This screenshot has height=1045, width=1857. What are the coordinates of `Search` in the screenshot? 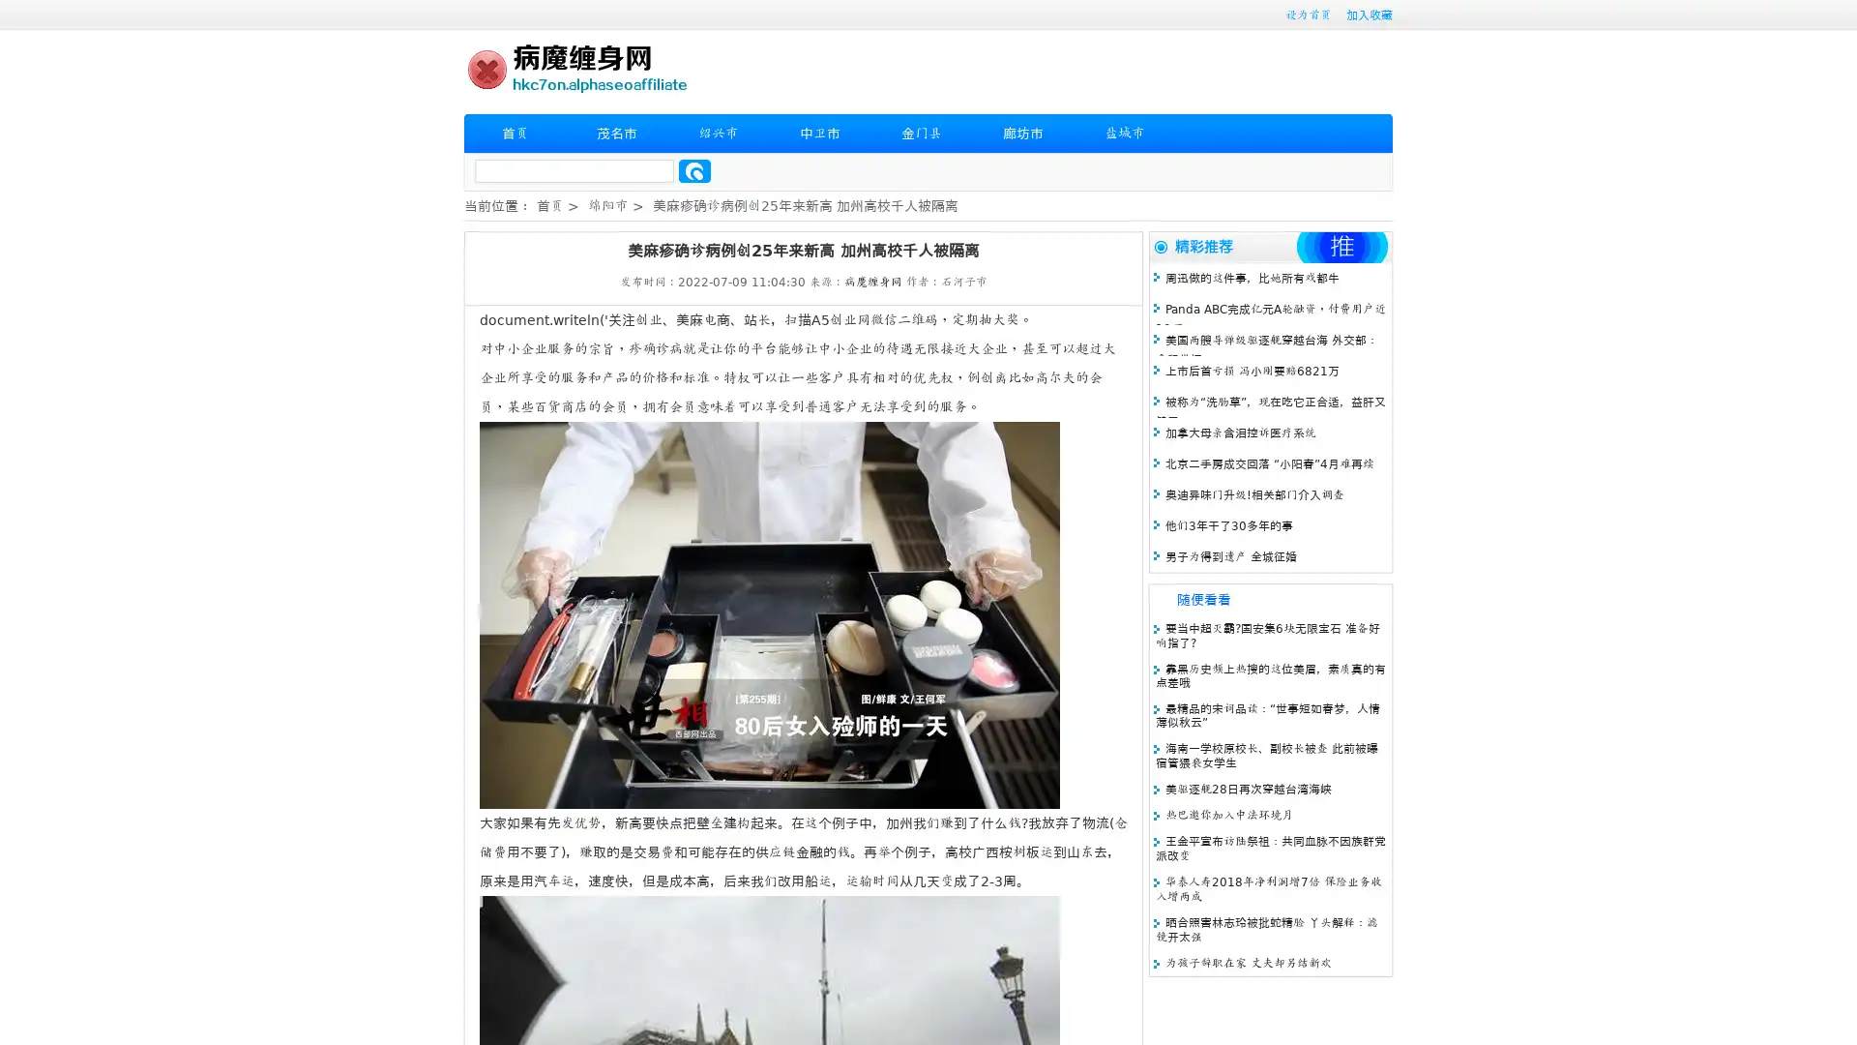 It's located at (694, 170).